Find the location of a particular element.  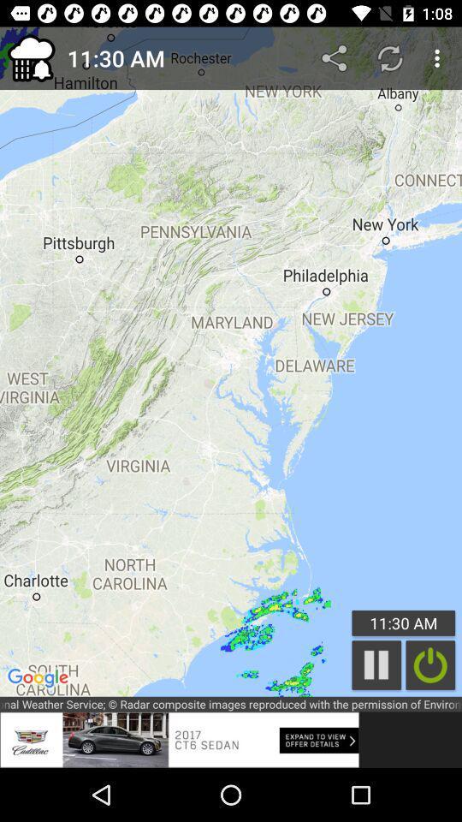

turn live monitoring off is located at coordinates (429, 664).